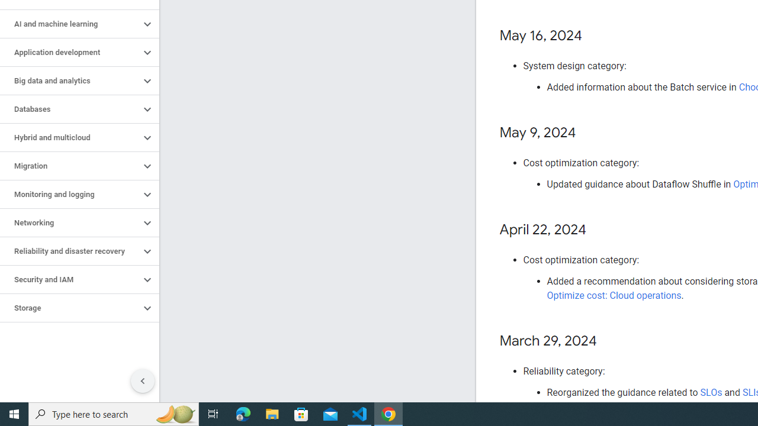 This screenshot has width=758, height=426. Describe the element at coordinates (69, 307) in the screenshot. I see `'Storage'` at that location.